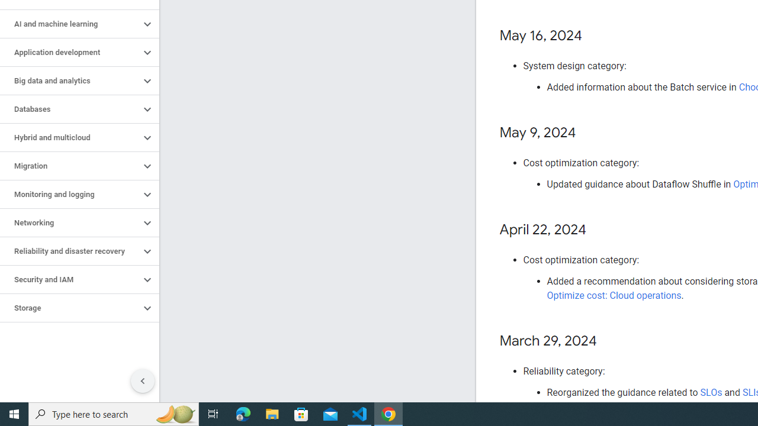 This screenshot has width=758, height=426. Describe the element at coordinates (69, 307) in the screenshot. I see `'Storage'` at that location.